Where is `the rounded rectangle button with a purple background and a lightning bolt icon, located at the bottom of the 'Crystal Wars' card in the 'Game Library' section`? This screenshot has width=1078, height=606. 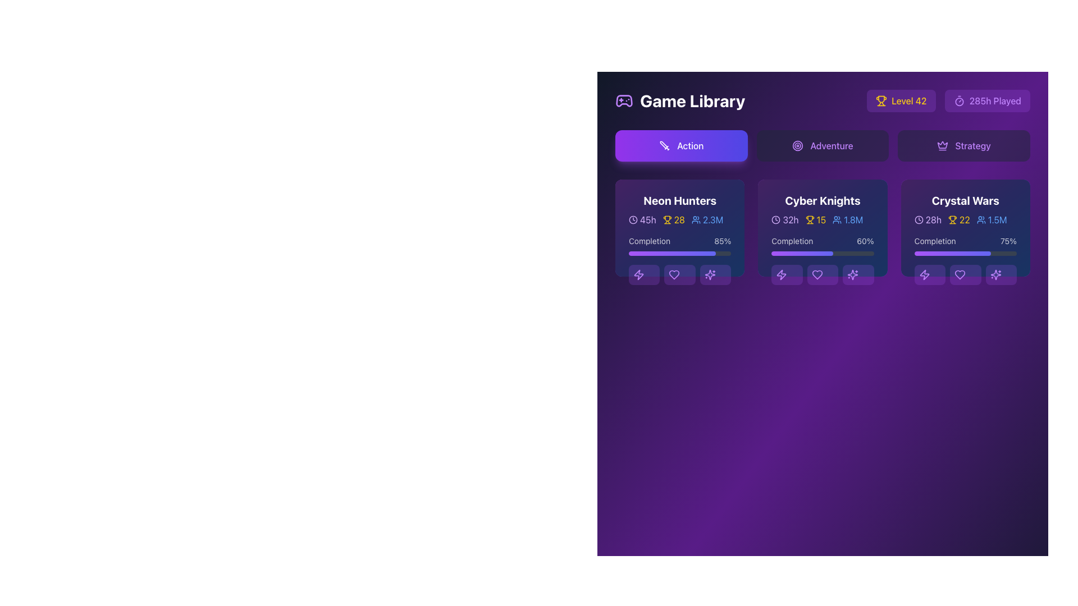 the rounded rectangle button with a purple background and a lightning bolt icon, located at the bottom of the 'Crystal Wars' card in the 'Game Library' section is located at coordinates (930, 274).